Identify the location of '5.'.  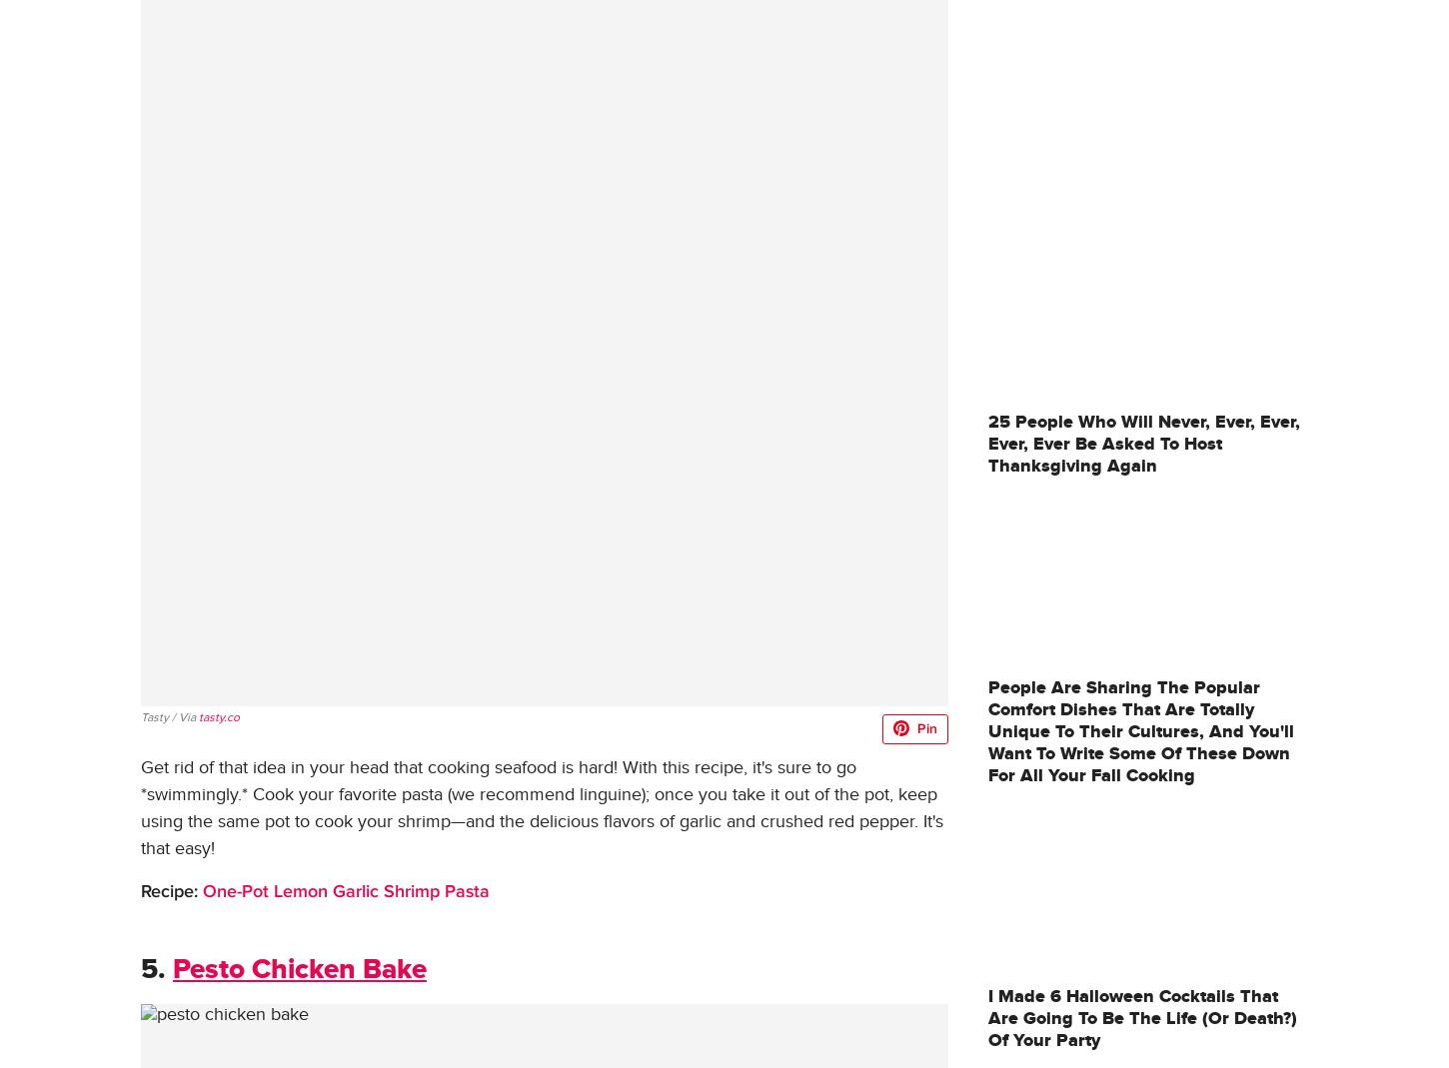
(152, 969).